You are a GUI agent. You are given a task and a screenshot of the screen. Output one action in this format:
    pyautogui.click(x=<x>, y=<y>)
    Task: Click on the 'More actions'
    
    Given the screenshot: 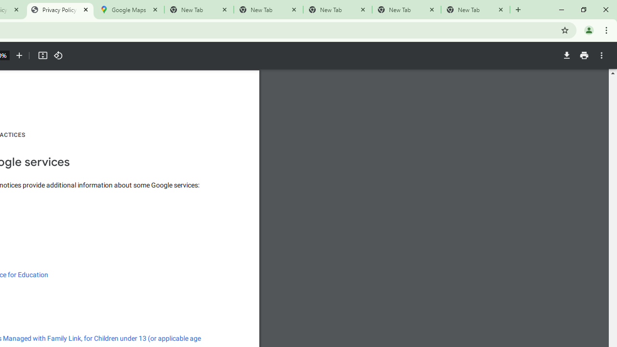 What is the action you would take?
    pyautogui.click(x=601, y=55)
    